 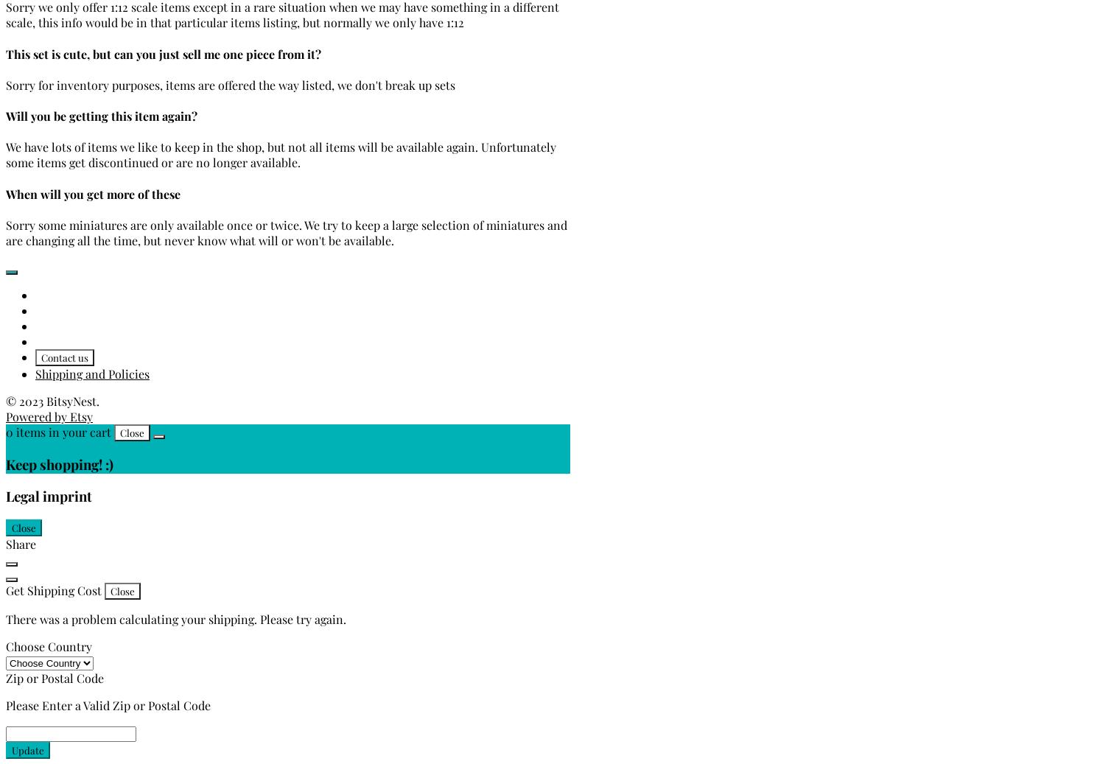 What do you see at coordinates (93, 192) in the screenshot?
I see `'When will you get more of these'` at bounding box center [93, 192].